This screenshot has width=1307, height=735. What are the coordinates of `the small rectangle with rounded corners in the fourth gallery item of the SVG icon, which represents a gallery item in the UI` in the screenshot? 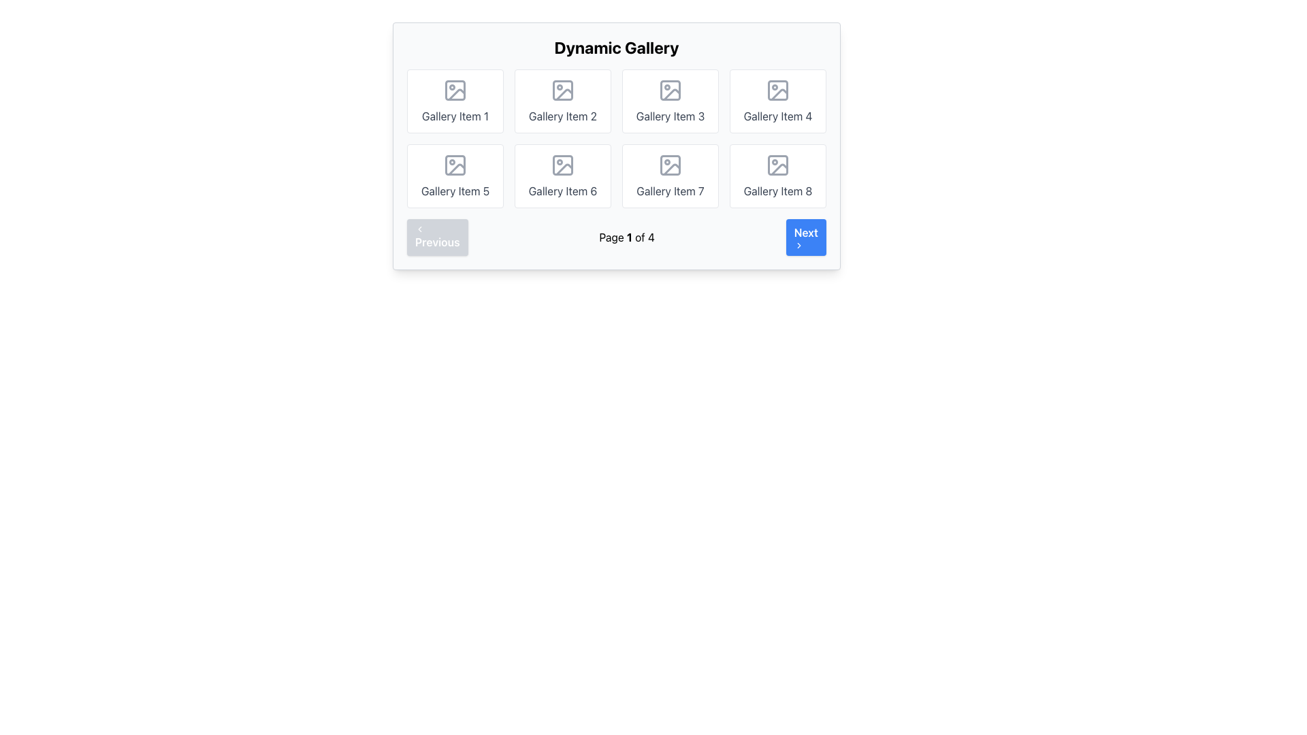 It's located at (777, 90).